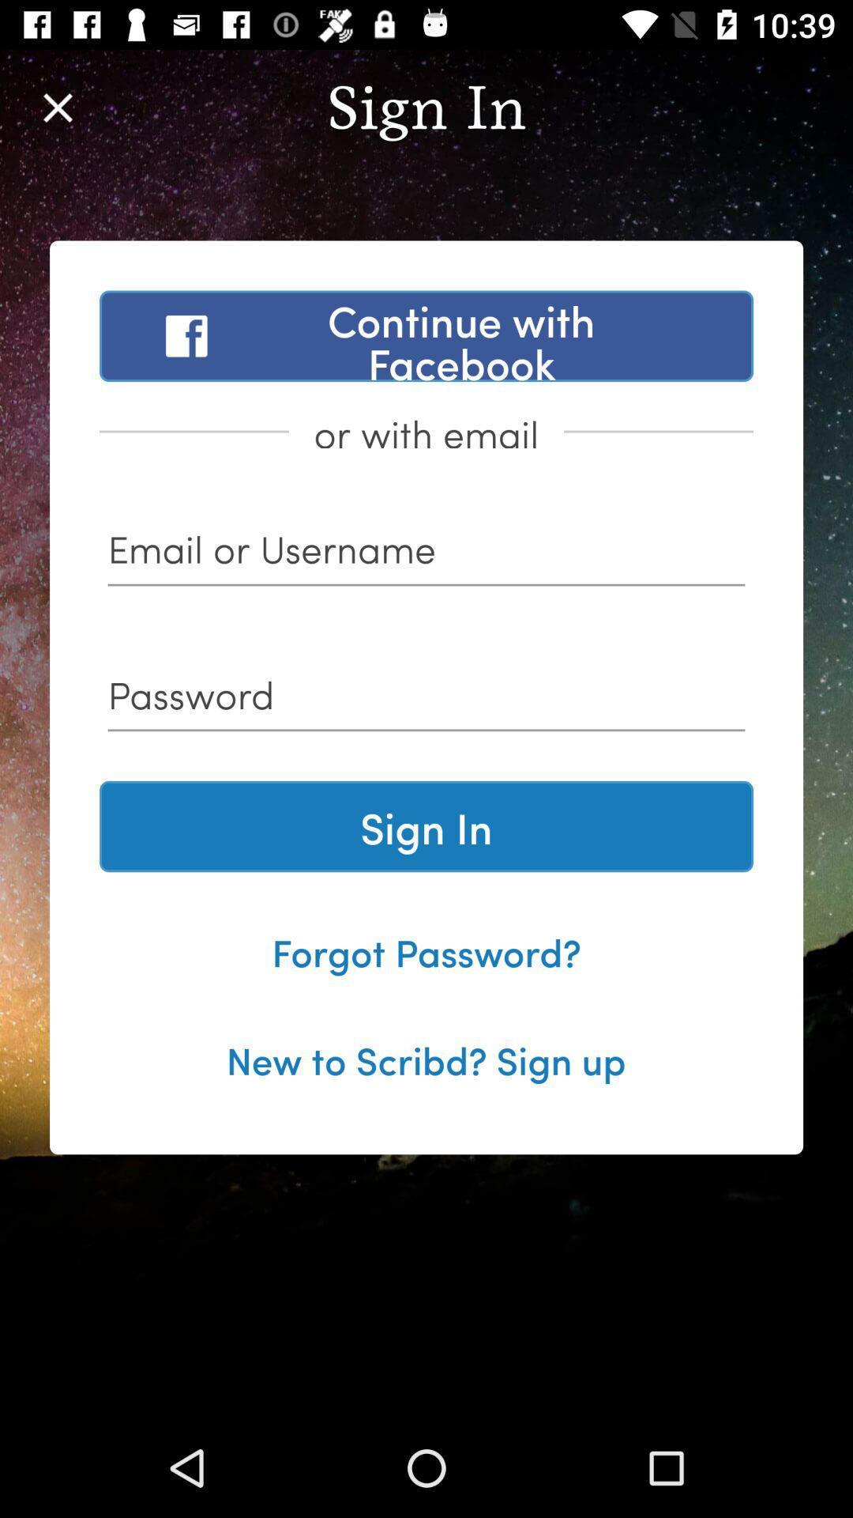  Describe the element at coordinates (426, 700) in the screenshot. I see `password` at that location.